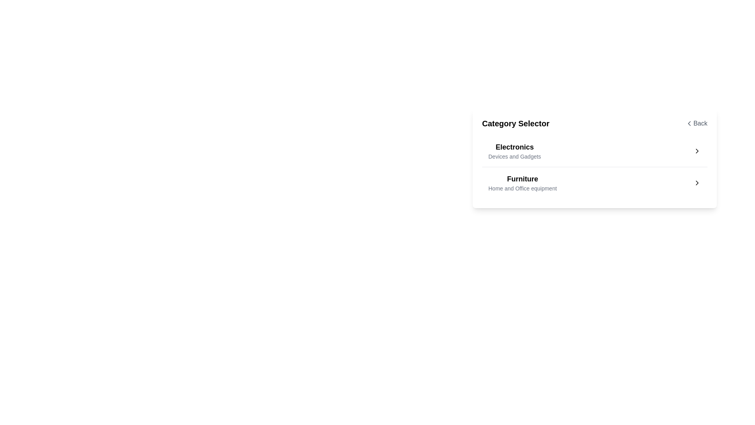 This screenshot has width=755, height=425. I want to click on the second item in the 'Category Selector' list, so click(595, 183).